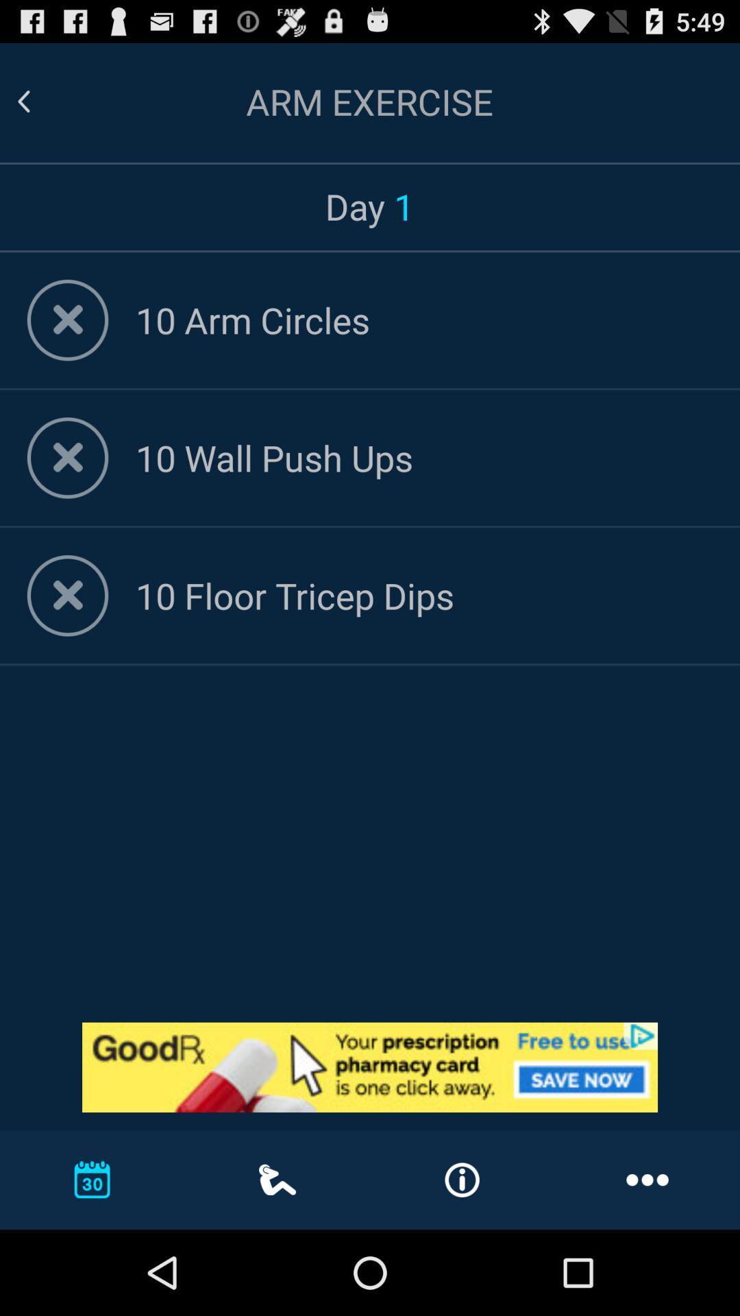 The height and width of the screenshot is (1316, 740). What do you see at coordinates (68, 458) in the screenshot?
I see `options` at bounding box center [68, 458].